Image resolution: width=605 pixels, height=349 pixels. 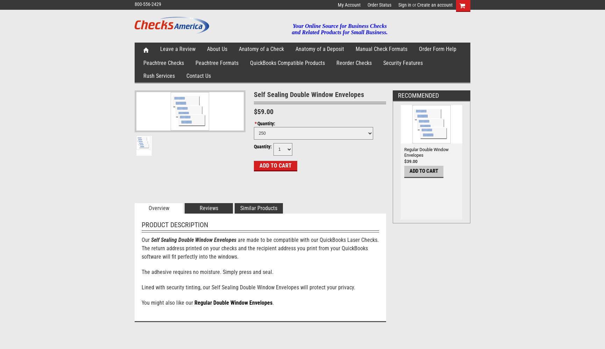 What do you see at coordinates (404, 161) in the screenshot?
I see `'$39.00'` at bounding box center [404, 161].